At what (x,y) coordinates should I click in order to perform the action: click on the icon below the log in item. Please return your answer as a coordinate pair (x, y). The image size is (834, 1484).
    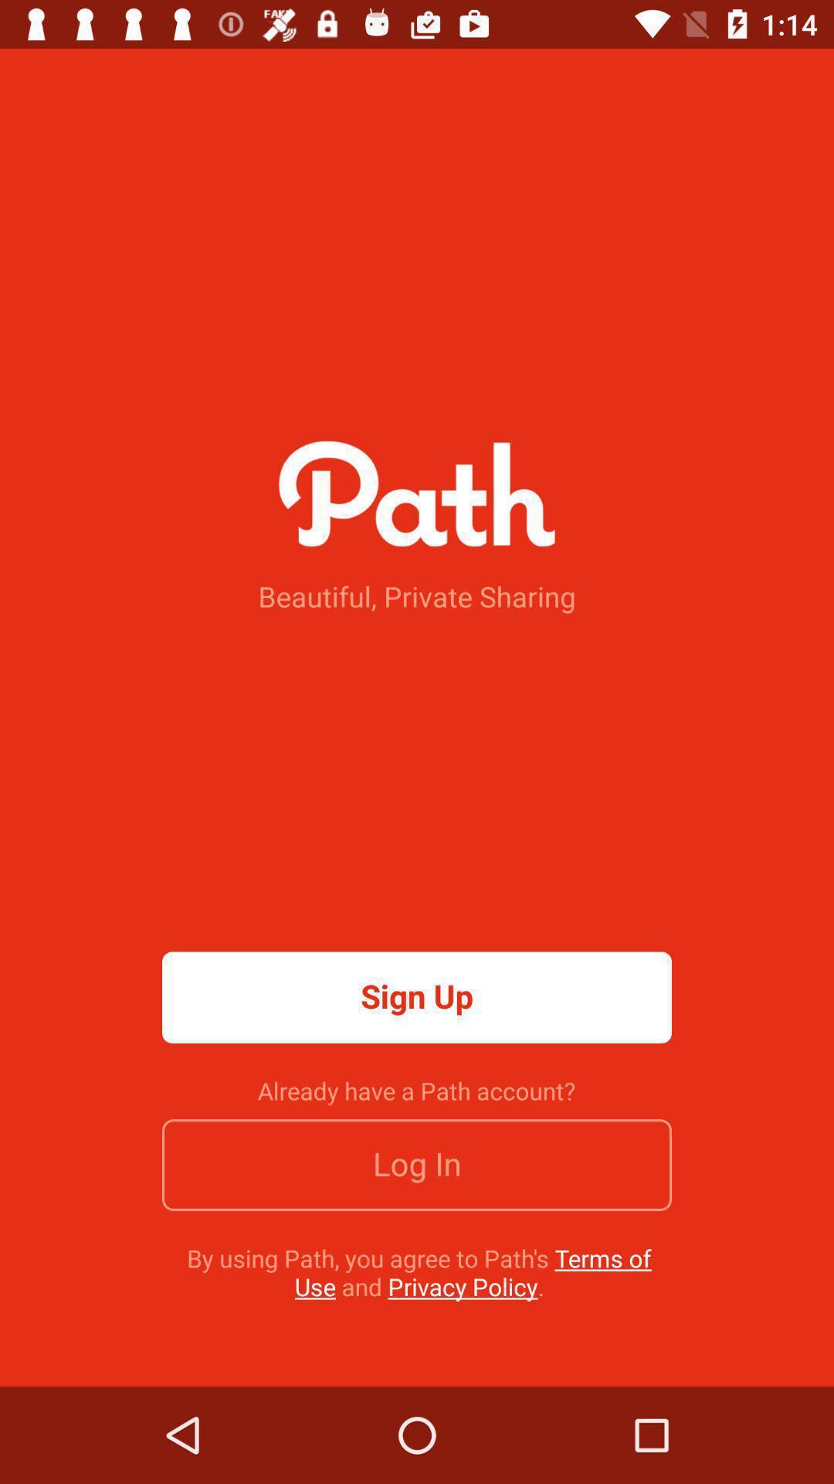
    Looking at the image, I should click on (419, 1272).